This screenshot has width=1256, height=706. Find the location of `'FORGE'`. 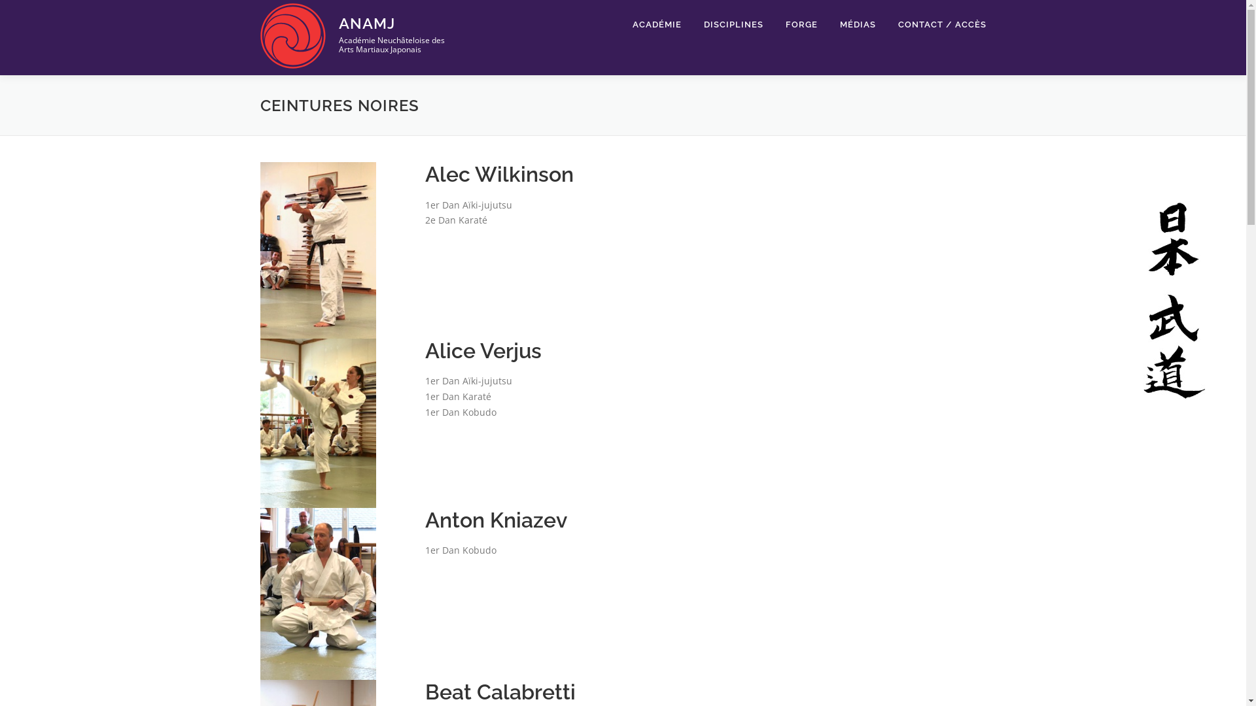

'FORGE' is located at coordinates (801, 24).